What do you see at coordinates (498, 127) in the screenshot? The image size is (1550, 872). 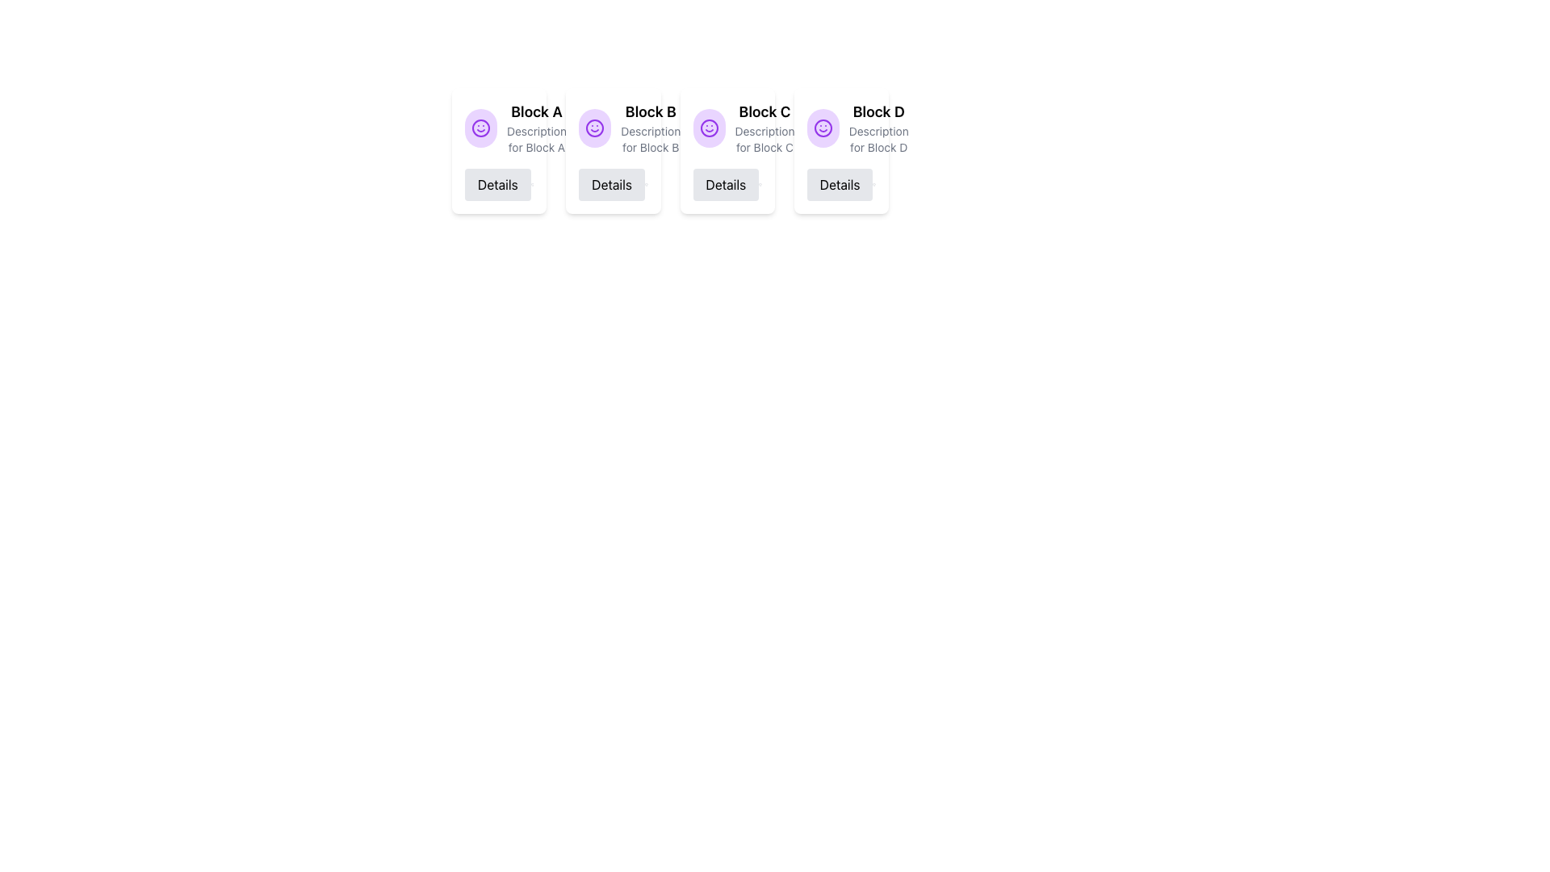 I see `the Composite element displaying the title 'Block A' and its description, which includes a purple circular icon with a smiley face on the left side` at bounding box center [498, 127].